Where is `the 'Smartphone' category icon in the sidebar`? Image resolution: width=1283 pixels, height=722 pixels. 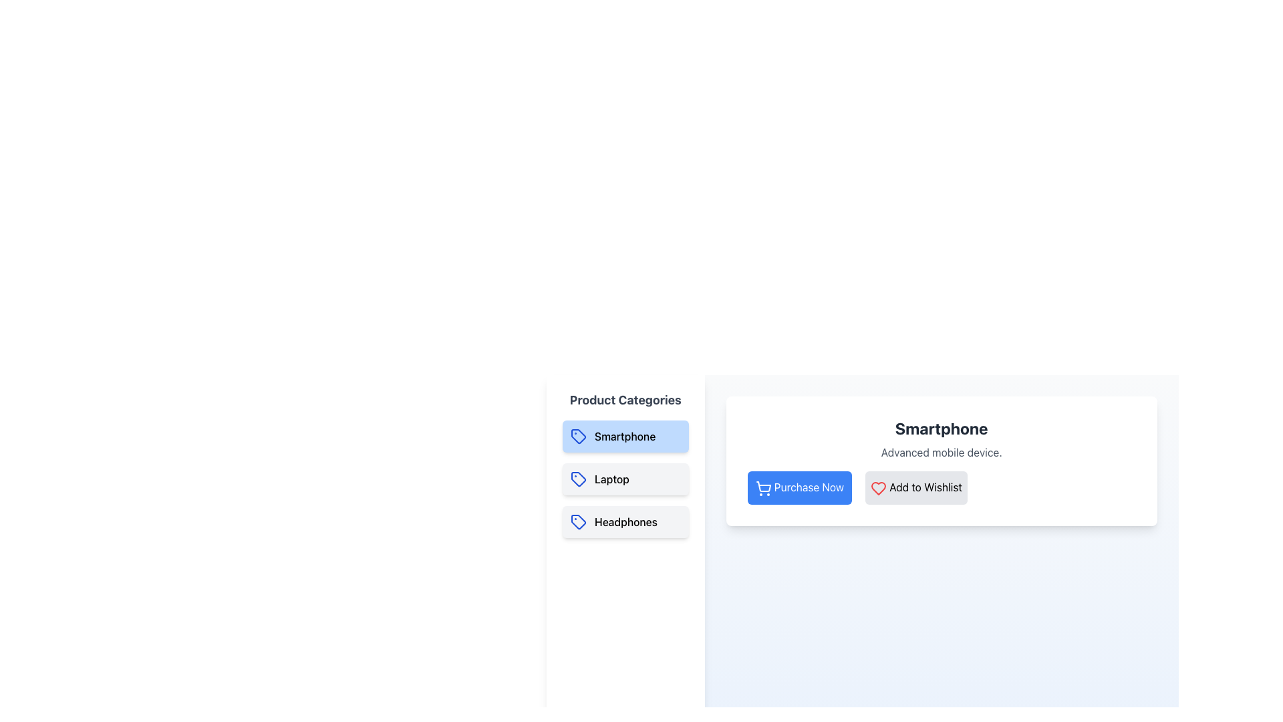
the 'Smartphone' category icon in the sidebar is located at coordinates (578, 436).